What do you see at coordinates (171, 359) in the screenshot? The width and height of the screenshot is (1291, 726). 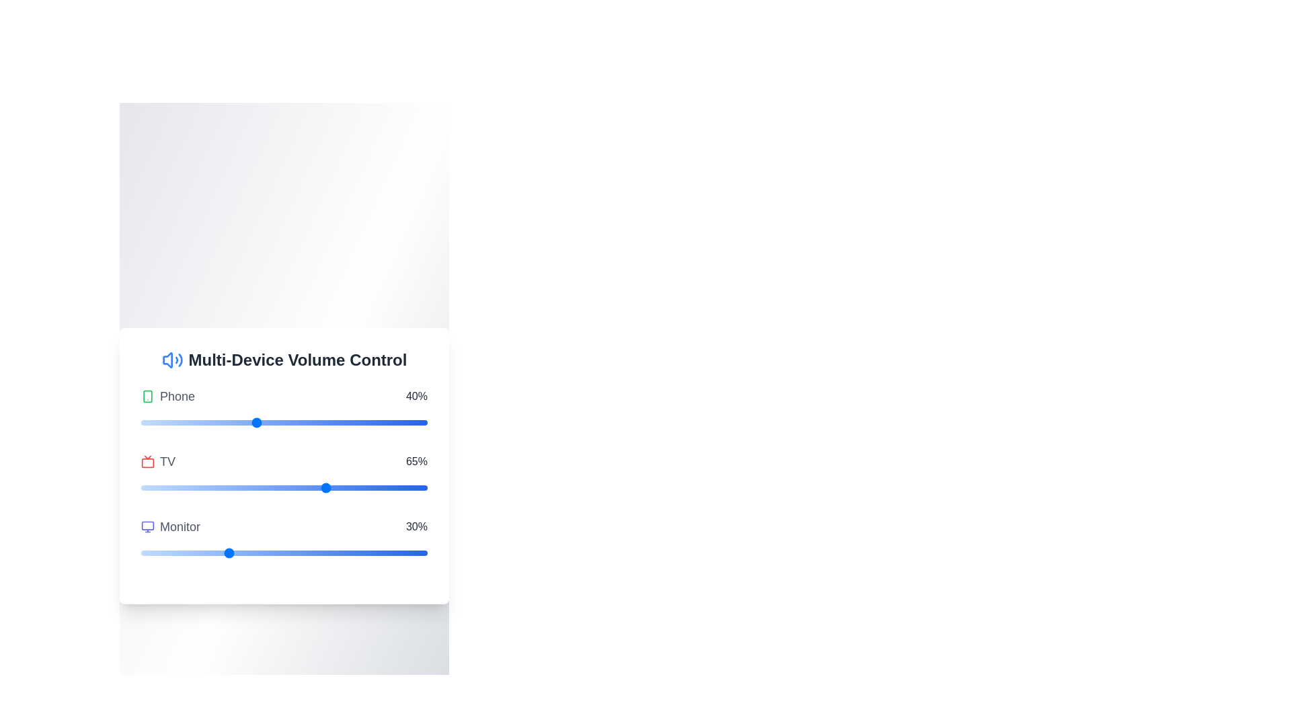 I see `the blue speaker-shaped icon with sound waves located to the left of the 'Multi-Device Volume Control' text` at bounding box center [171, 359].